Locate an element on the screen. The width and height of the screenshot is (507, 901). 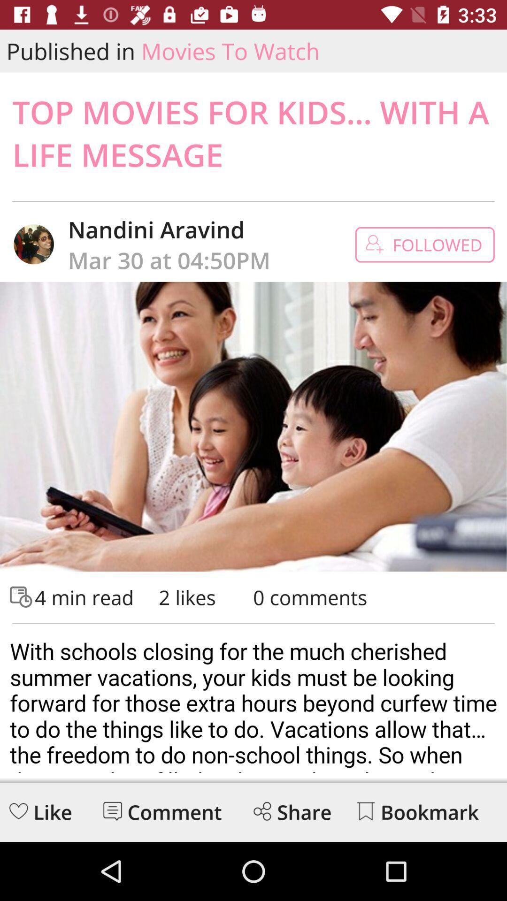
read messages is located at coordinates (112, 810).